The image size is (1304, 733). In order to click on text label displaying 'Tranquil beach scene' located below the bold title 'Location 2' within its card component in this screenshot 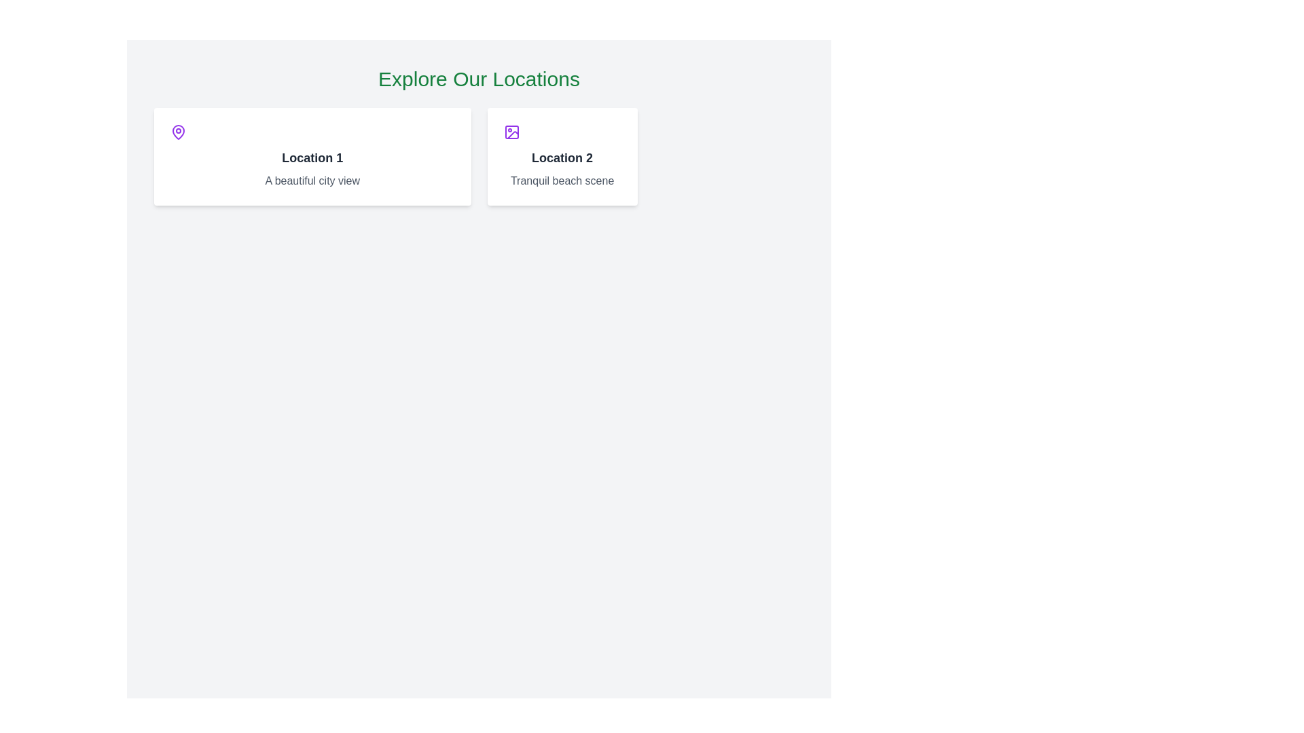, I will do `click(562, 180)`.